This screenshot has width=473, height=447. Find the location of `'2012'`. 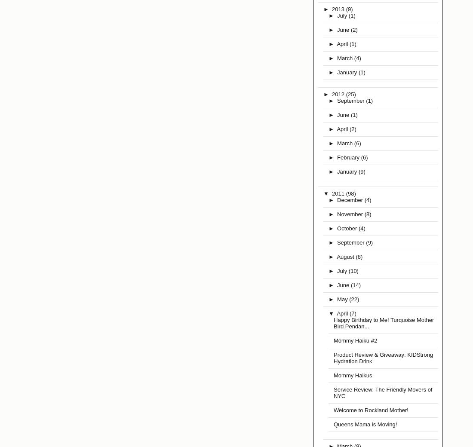

'2012' is located at coordinates (339, 94).